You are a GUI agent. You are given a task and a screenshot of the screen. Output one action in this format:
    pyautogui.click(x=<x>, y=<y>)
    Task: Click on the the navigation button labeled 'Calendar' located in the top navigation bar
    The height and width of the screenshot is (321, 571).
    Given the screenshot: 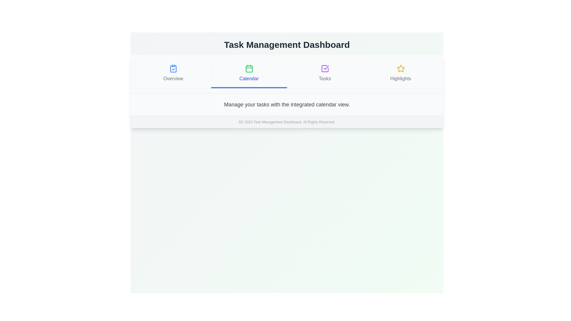 What is the action you would take?
    pyautogui.click(x=249, y=73)
    